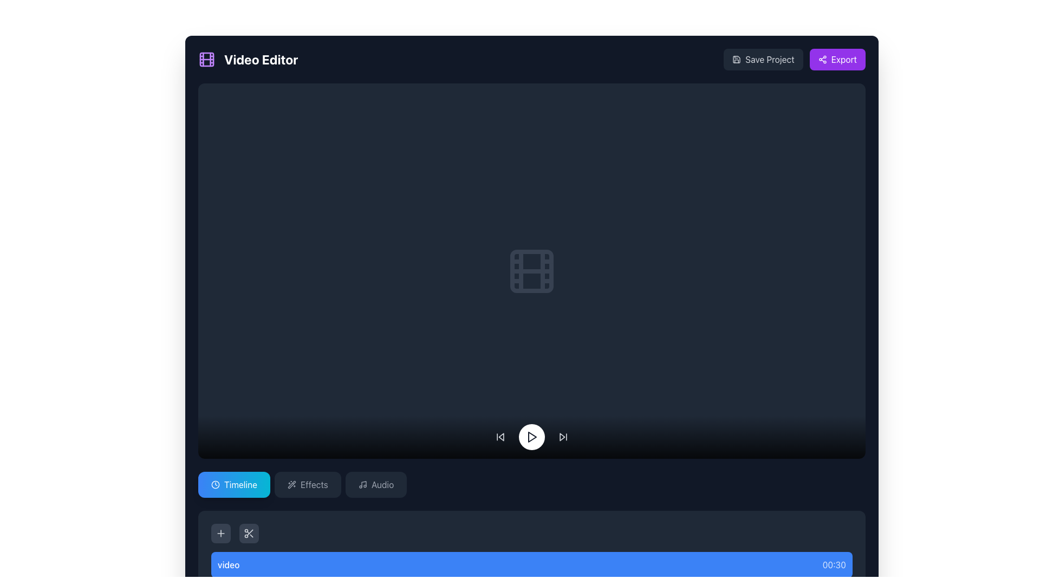 This screenshot has width=1040, height=585. What do you see at coordinates (500, 436) in the screenshot?
I see `the triangular shaped graphical icon that is part of the skip-backward button, located in the media control bar at the bottom center of the interface` at bounding box center [500, 436].